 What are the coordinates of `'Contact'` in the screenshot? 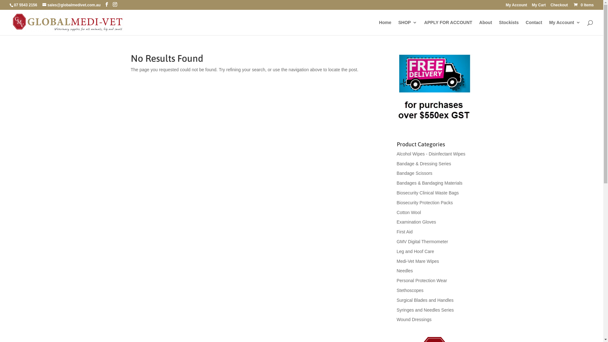 It's located at (533, 27).